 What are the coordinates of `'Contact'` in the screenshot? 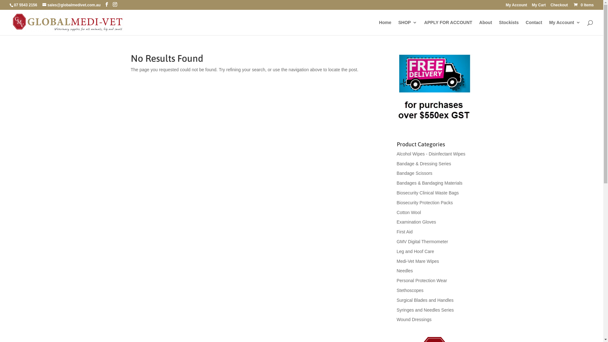 It's located at (533, 27).